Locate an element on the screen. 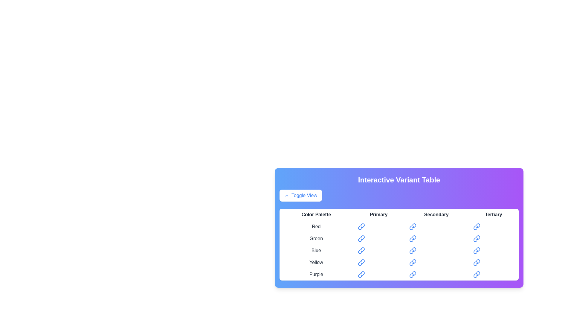 This screenshot has width=574, height=323. the text label displaying 'Blue' in the third row under the 'Color Palette' column of the interactive table is located at coordinates (316, 250).